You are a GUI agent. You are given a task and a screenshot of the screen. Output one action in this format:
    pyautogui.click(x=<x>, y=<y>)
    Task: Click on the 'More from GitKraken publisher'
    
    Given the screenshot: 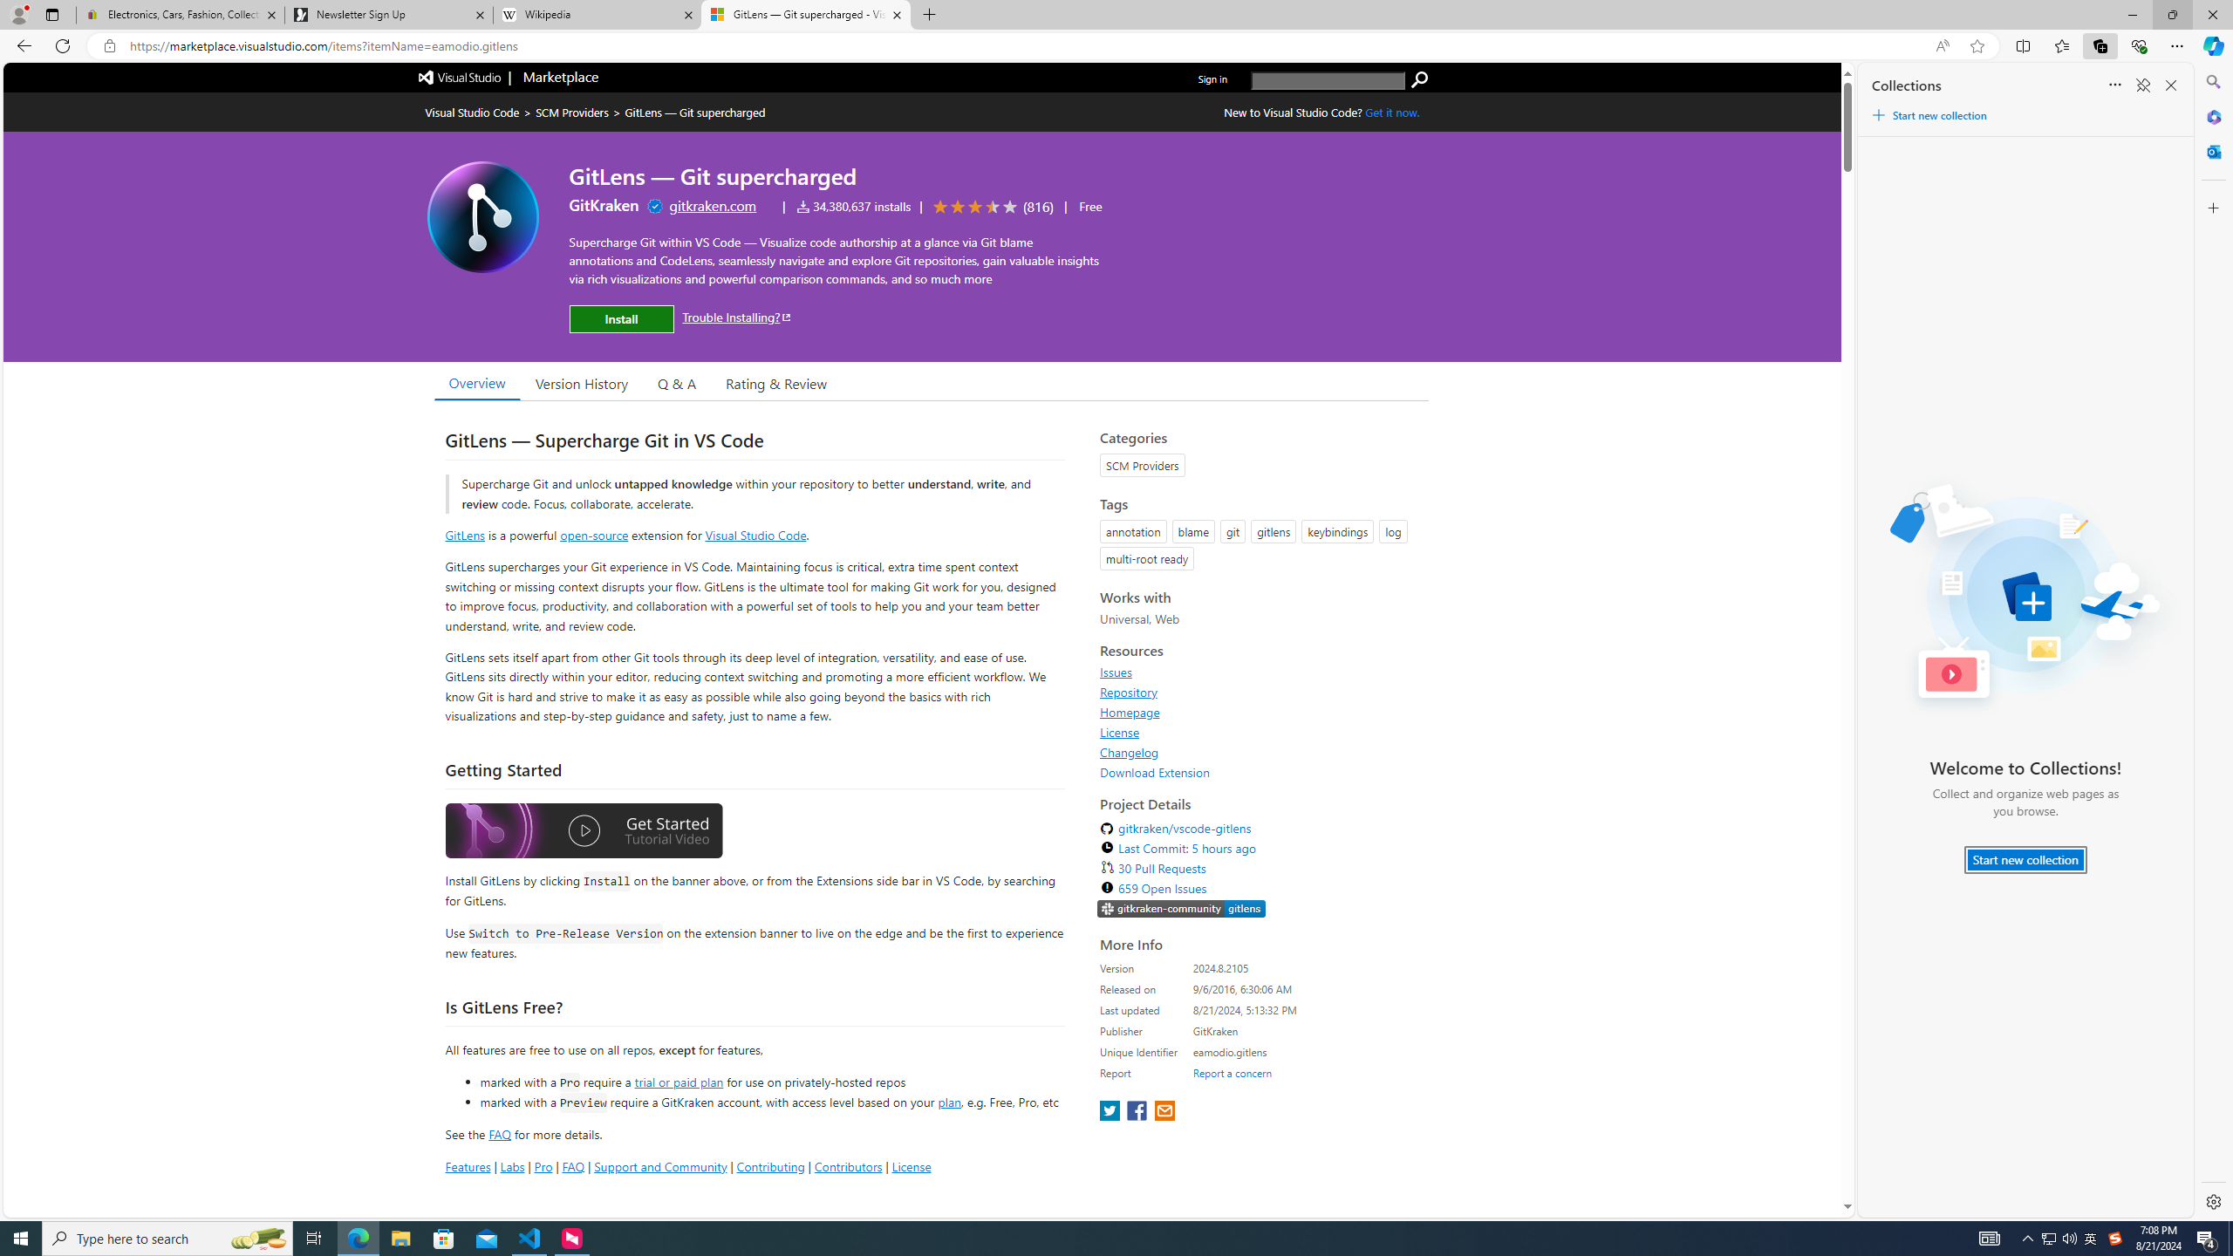 What is the action you would take?
    pyautogui.click(x=604, y=204)
    